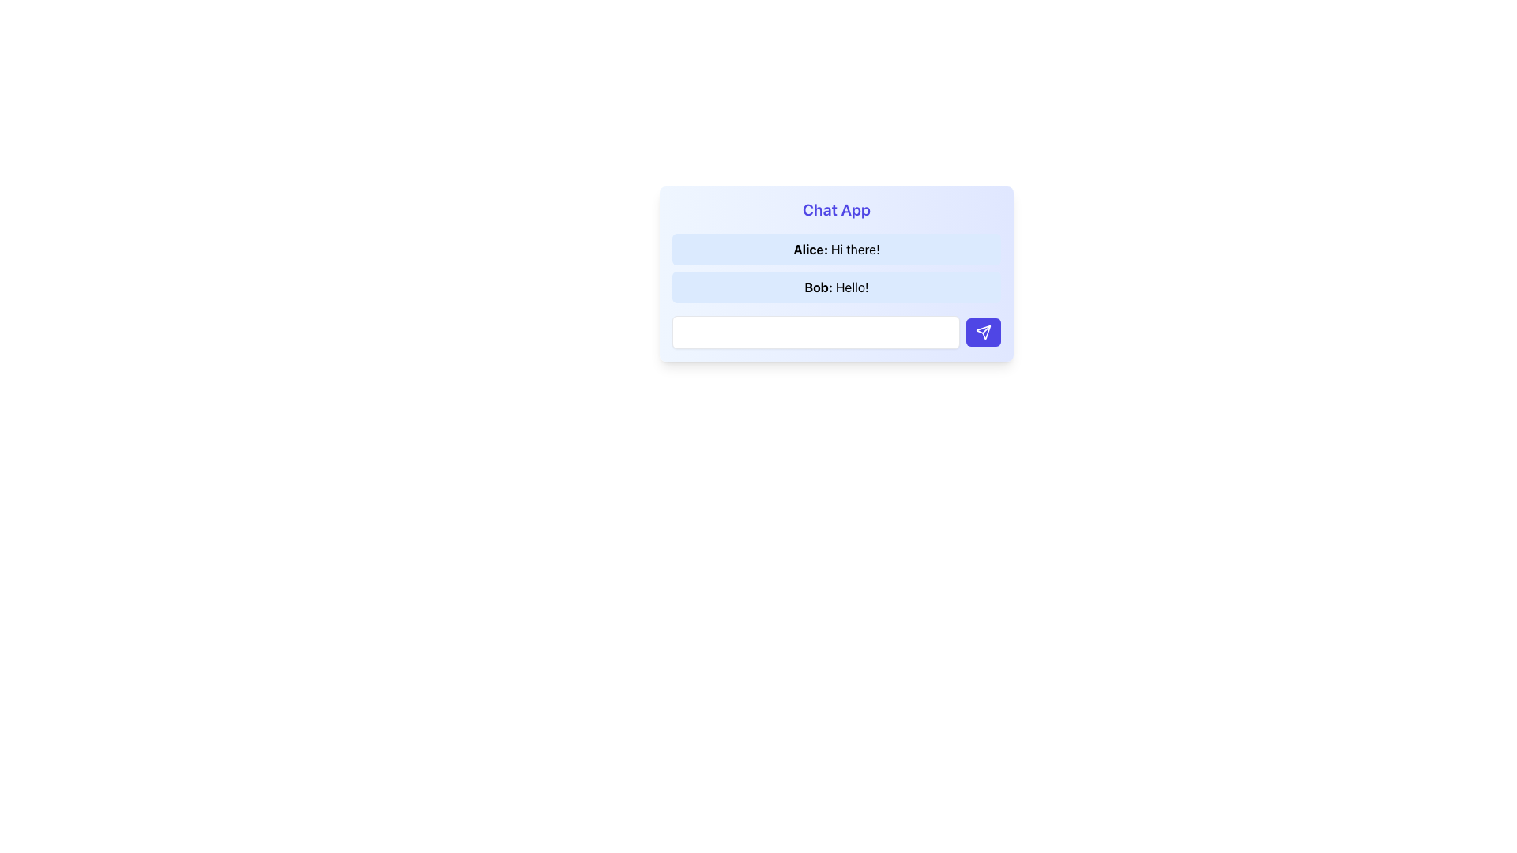 This screenshot has height=853, width=1517. What do you see at coordinates (854, 249) in the screenshot?
I see `message text 'Hi there!' displayed in the chat bubble next to the username 'Alice:' in the chat application` at bounding box center [854, 249].